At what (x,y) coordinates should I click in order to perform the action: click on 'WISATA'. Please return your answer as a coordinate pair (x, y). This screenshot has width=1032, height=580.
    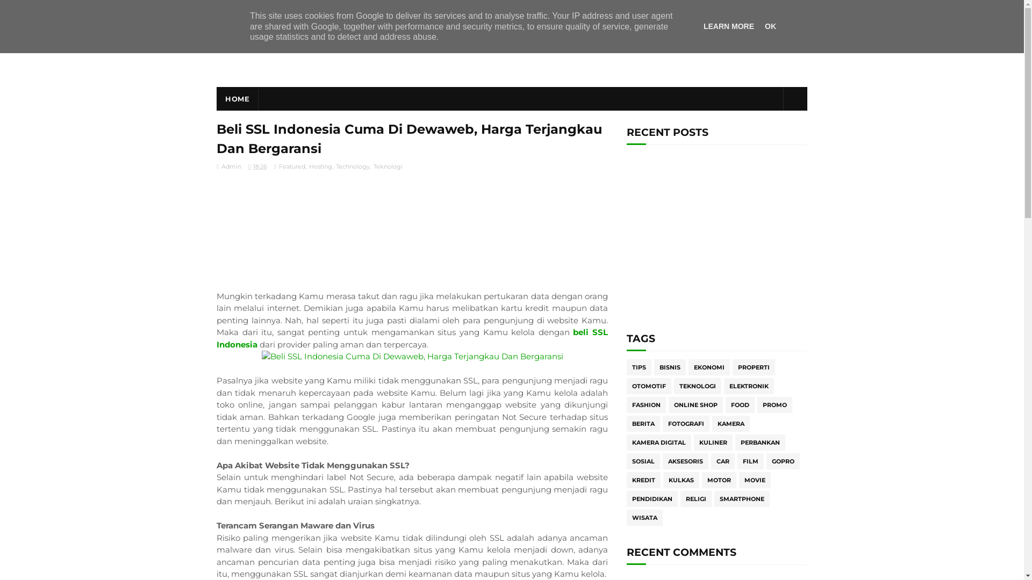
    Looking at the image, I should click on (644, 517).